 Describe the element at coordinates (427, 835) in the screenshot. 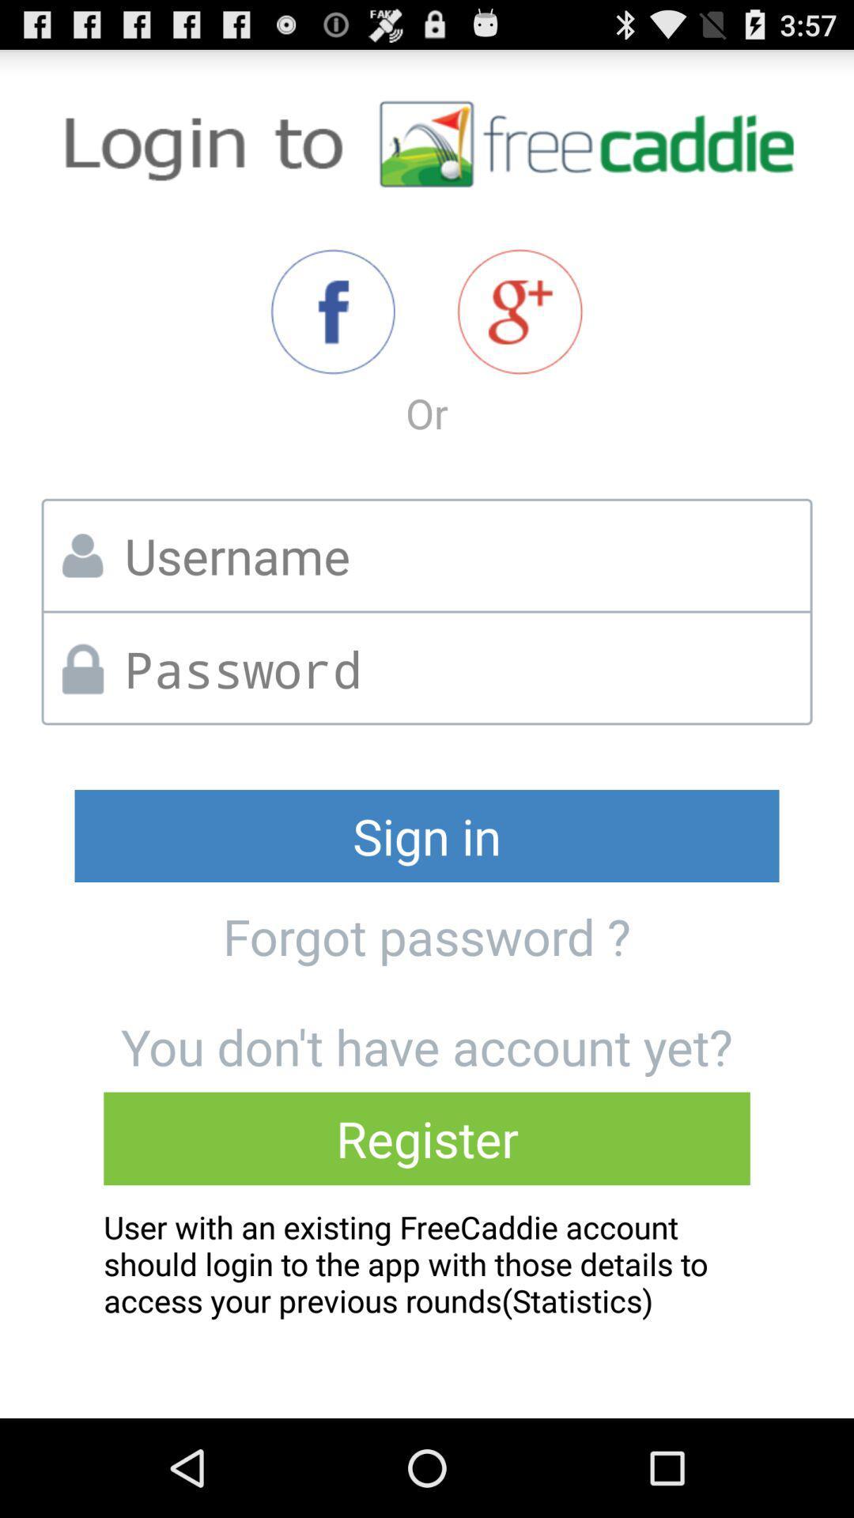

I see `the sign in icon` at that location.